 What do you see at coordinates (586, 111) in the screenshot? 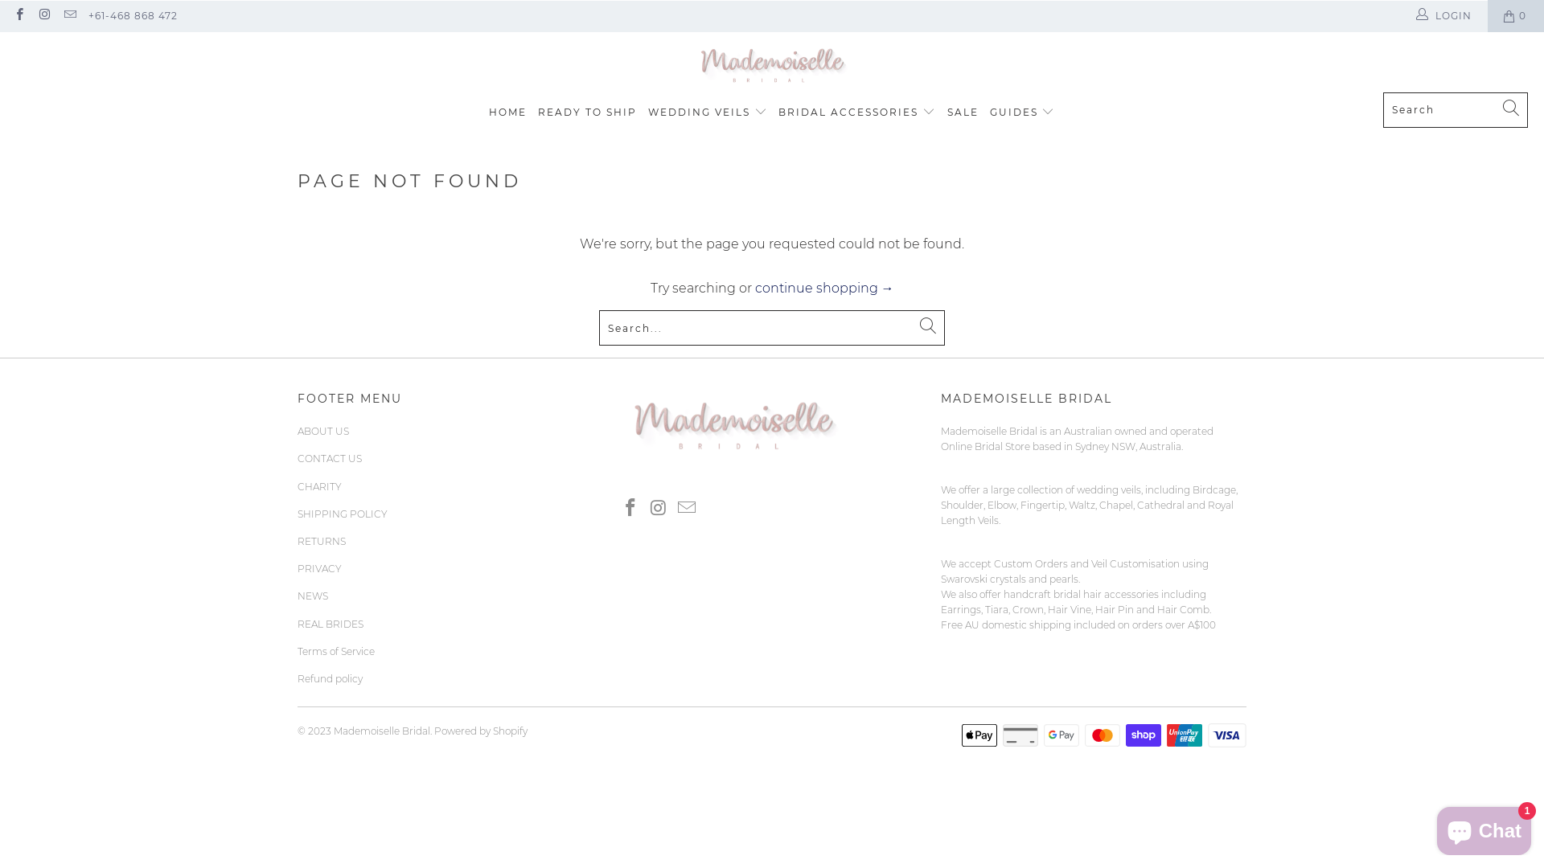
I see `'READY TO SHIP'` at bounding box center [586, 111].